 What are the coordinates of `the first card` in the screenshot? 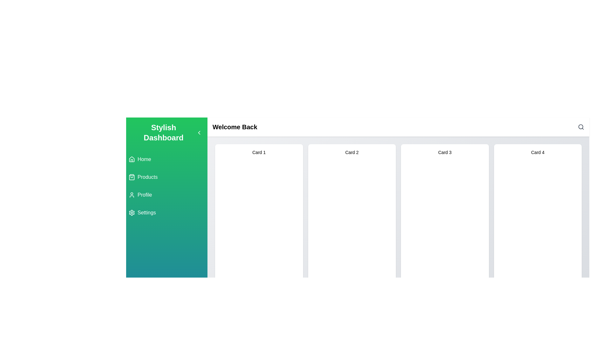 It's located at (259, 220).